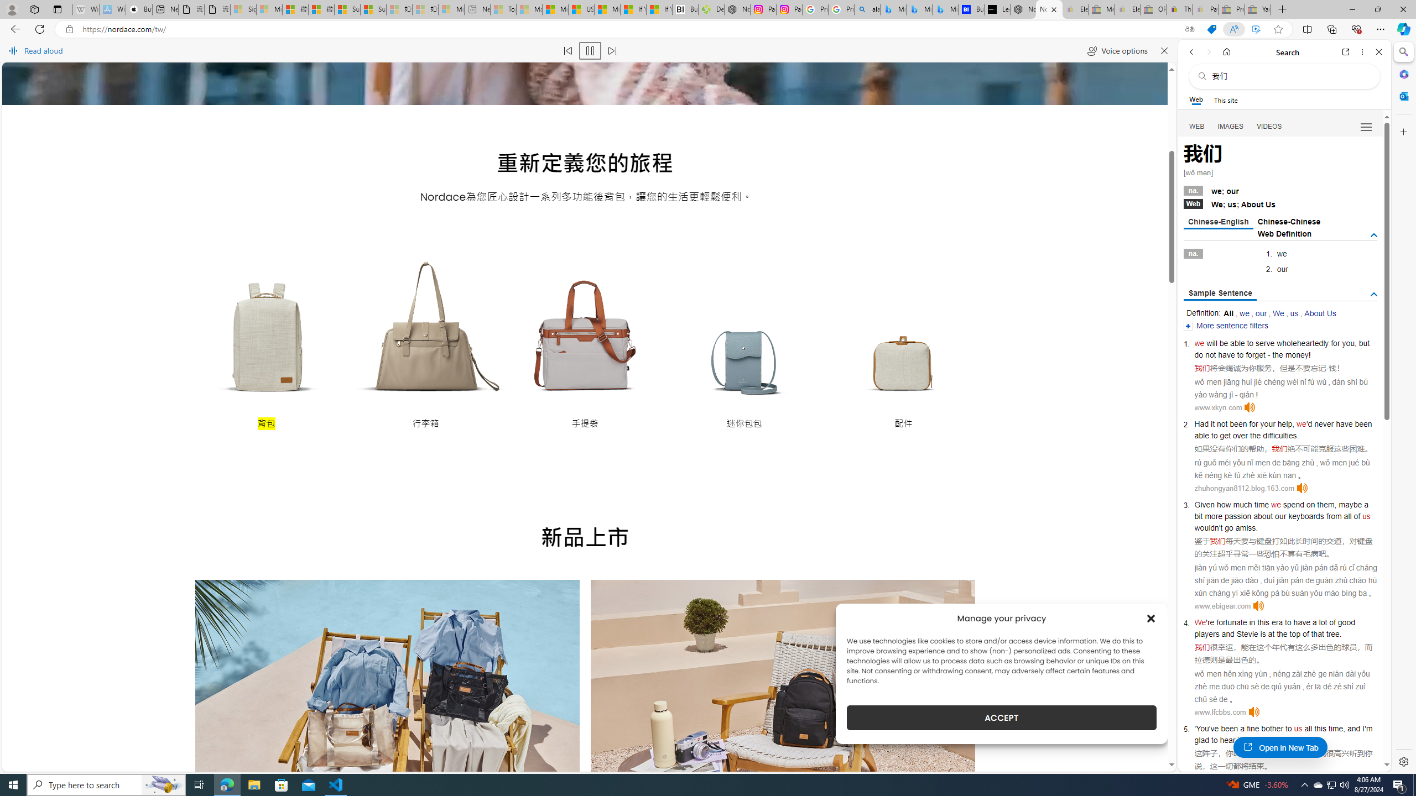 The image size is (1416, 796). What do you see at coordinates (1231, 9) in the screenshot?
I see `'Press Room - eBay Inc. - Sleeping'` at bounding box center [1231, 9].